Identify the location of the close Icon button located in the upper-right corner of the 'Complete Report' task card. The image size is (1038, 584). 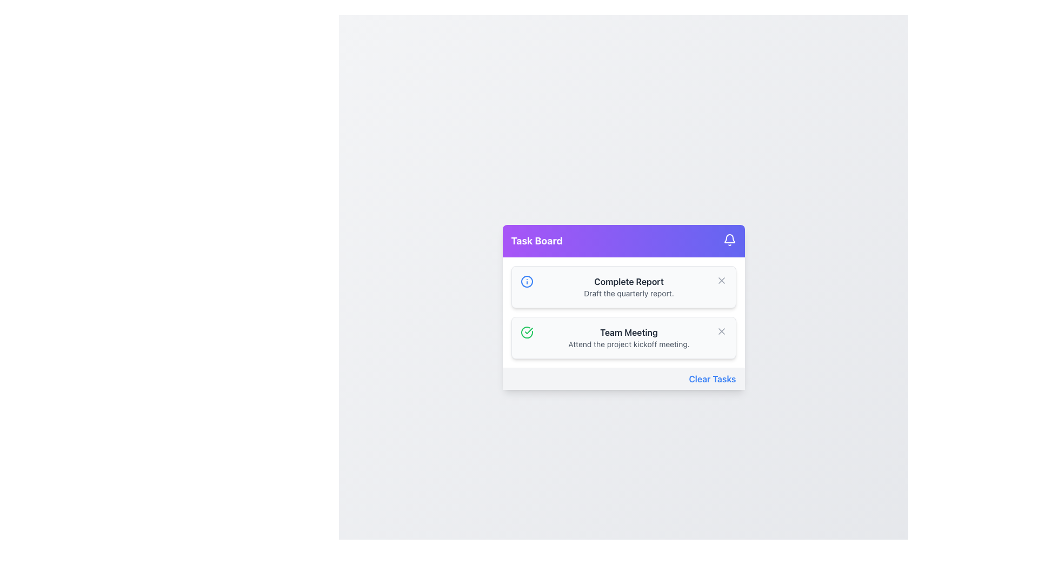
(721, 280).